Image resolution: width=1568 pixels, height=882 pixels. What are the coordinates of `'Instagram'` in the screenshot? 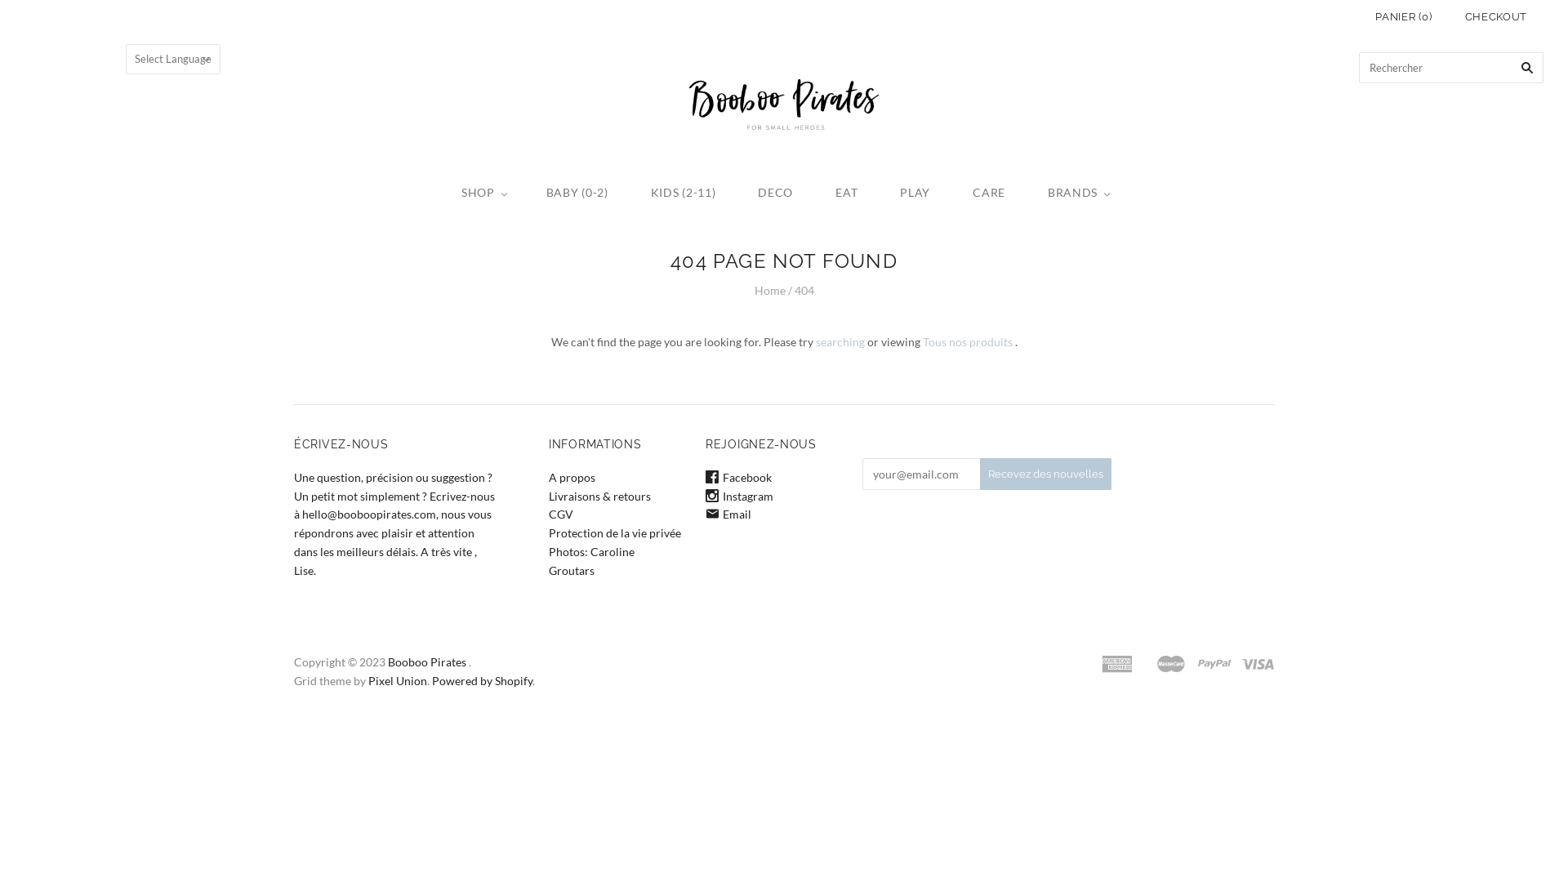 It's located at (738, 495).